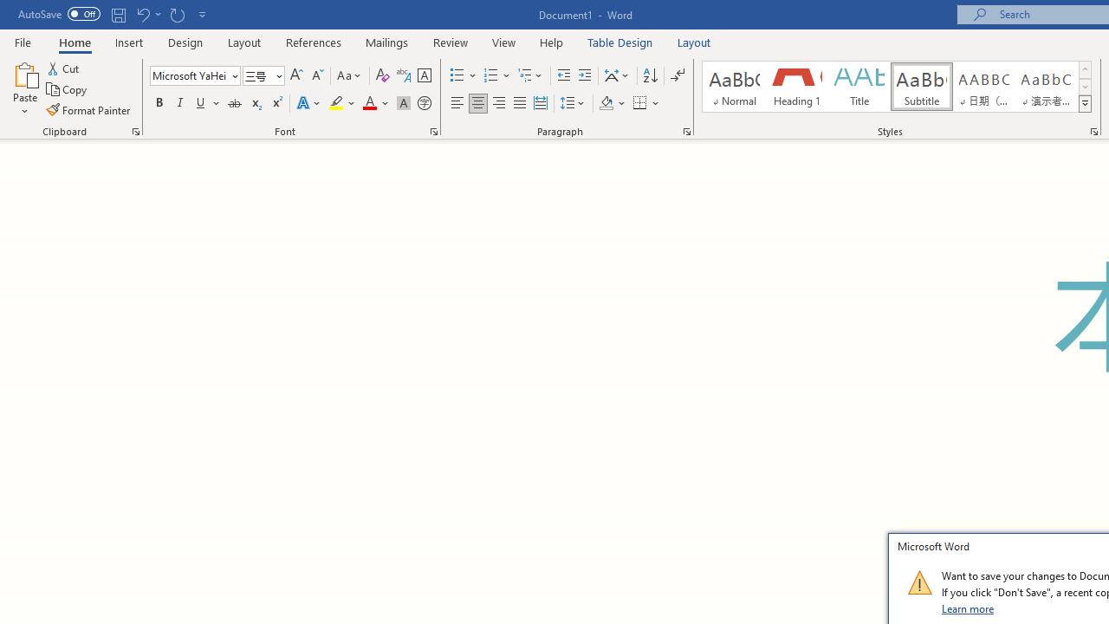 This screenshot has height=624, width=1109. Describe the element at coordinates (68, 89) in the screenshot. I see `'Copy'` at that location.